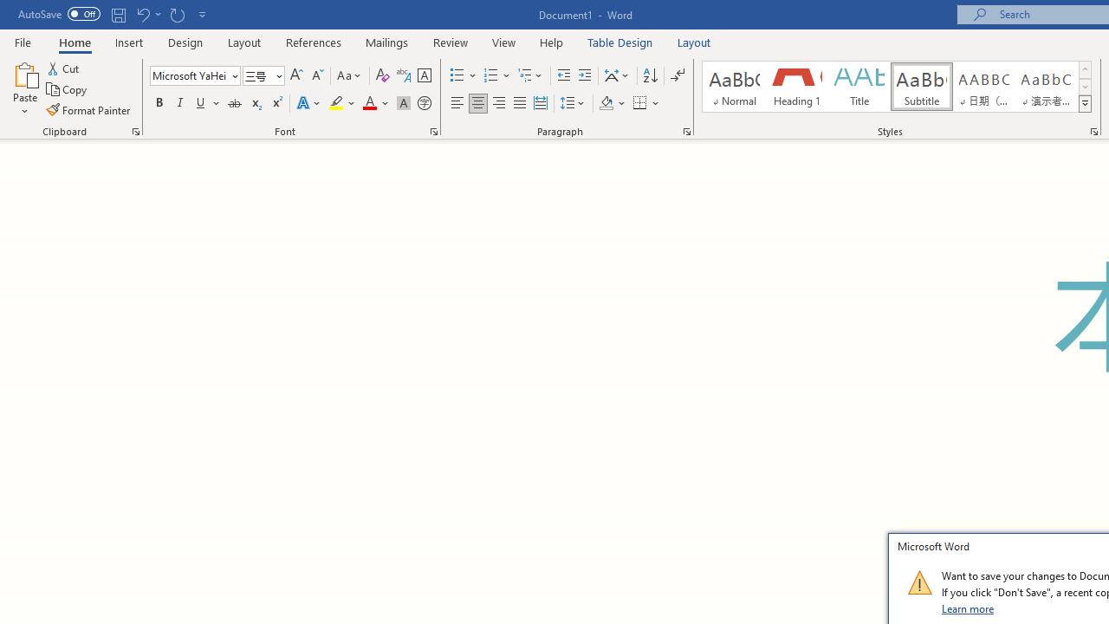 This screenshot has height=624, width=1109. Describe the element at coordinates (68, 89) in the screenshot. I see `'Copy'` at that location.